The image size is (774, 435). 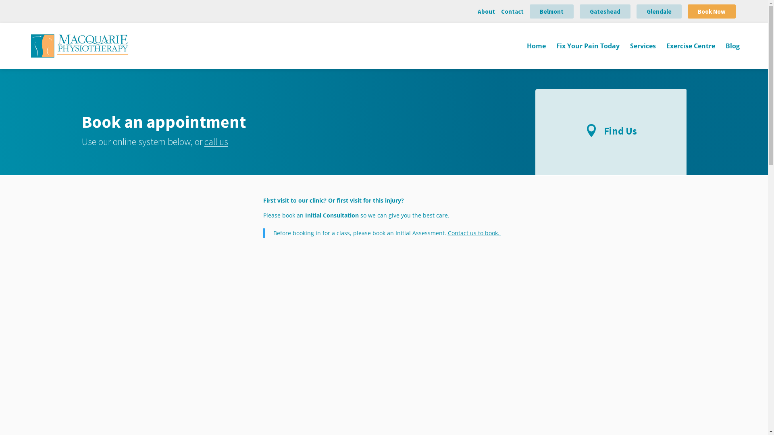 I want to click on 'Services', so click(x=642, y=55).